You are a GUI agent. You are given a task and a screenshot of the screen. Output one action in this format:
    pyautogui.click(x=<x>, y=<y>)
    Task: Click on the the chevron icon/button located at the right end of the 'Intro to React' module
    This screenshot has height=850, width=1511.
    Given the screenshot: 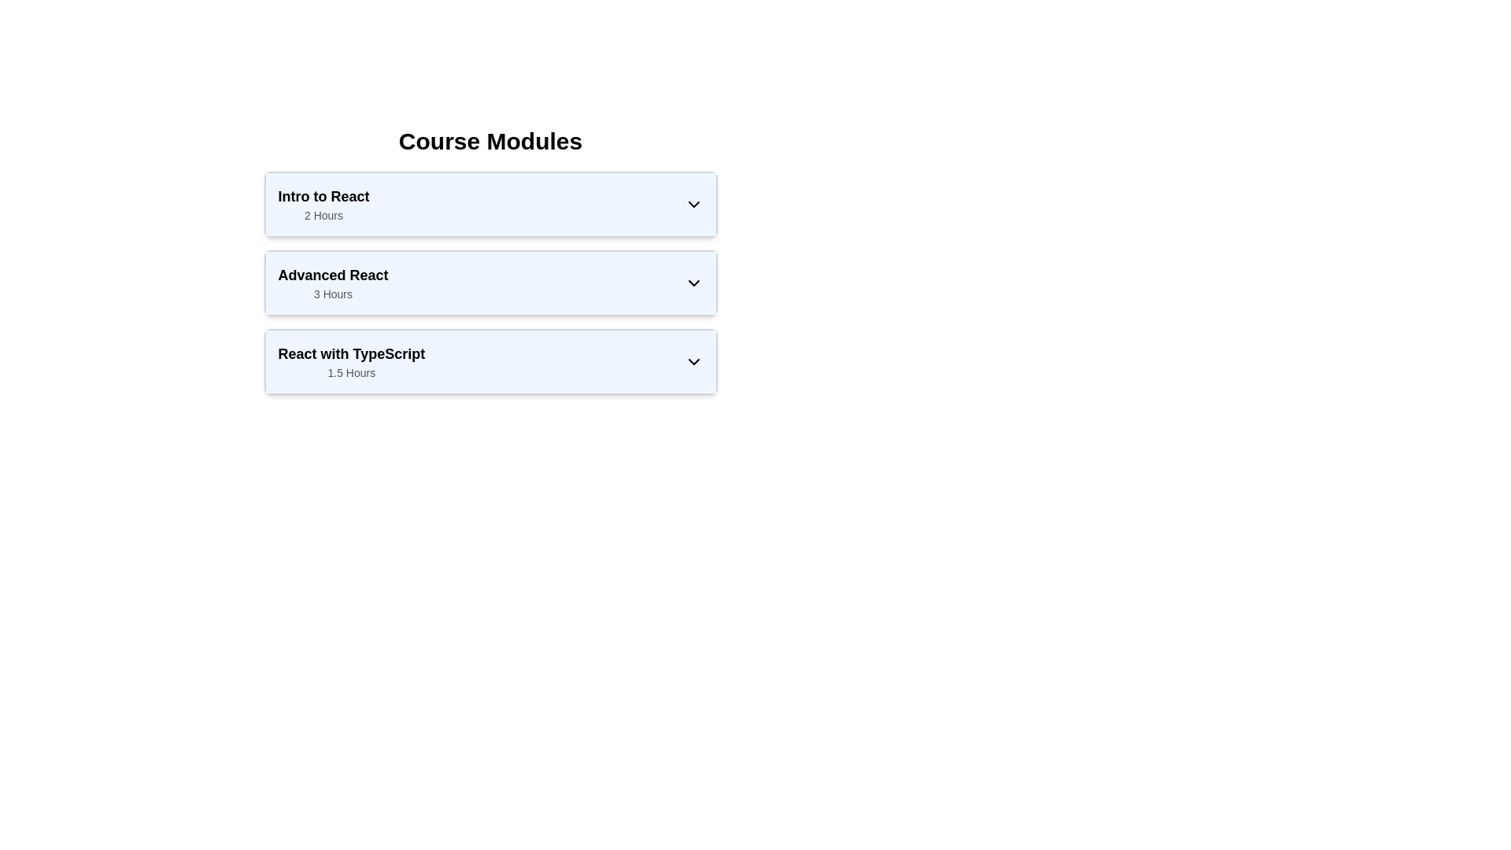 What is the action you would take?
    pyautogui.click(x=693, y=203)
    